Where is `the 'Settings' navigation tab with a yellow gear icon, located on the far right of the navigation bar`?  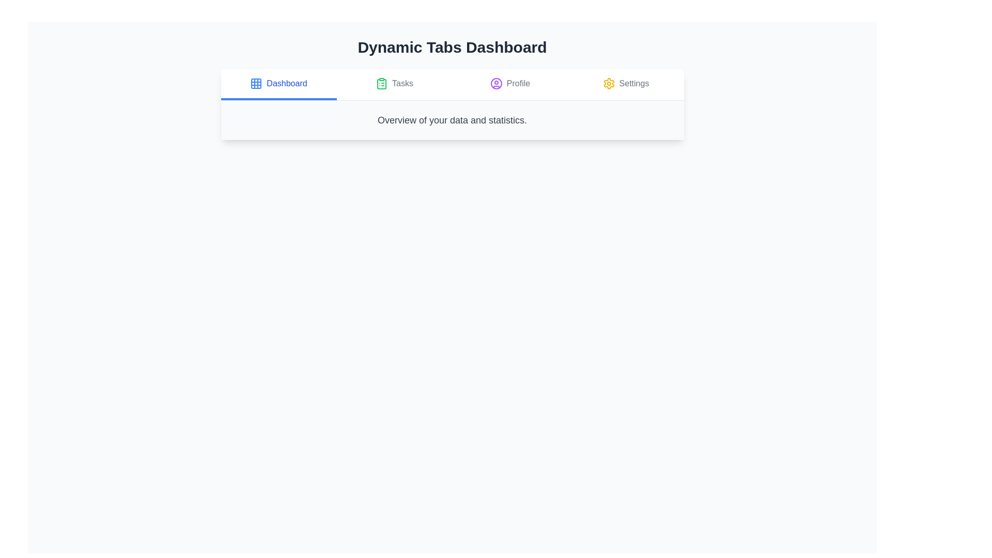
the 'Settings' navigation tab with a yellow gear icon, located on the far right of the navigation bar is located at coordinates (625, 84).